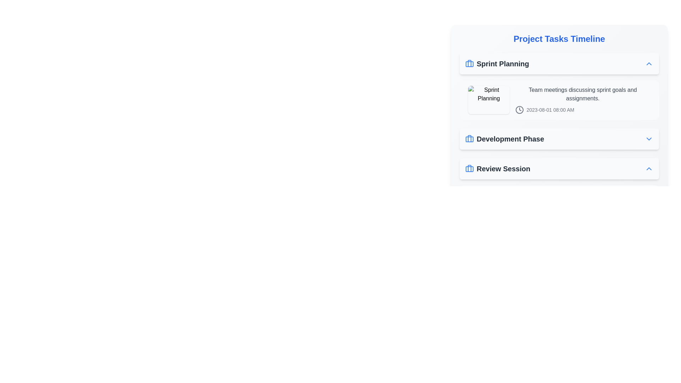 This screenshot has width=681, height=383. Describe the element at coordinates (504, 139) in the screenshot. I see `the Text Label displaying 'Development Phase', which is located beneath 'Sprint Planning' and above 'Review Session'` at that location.